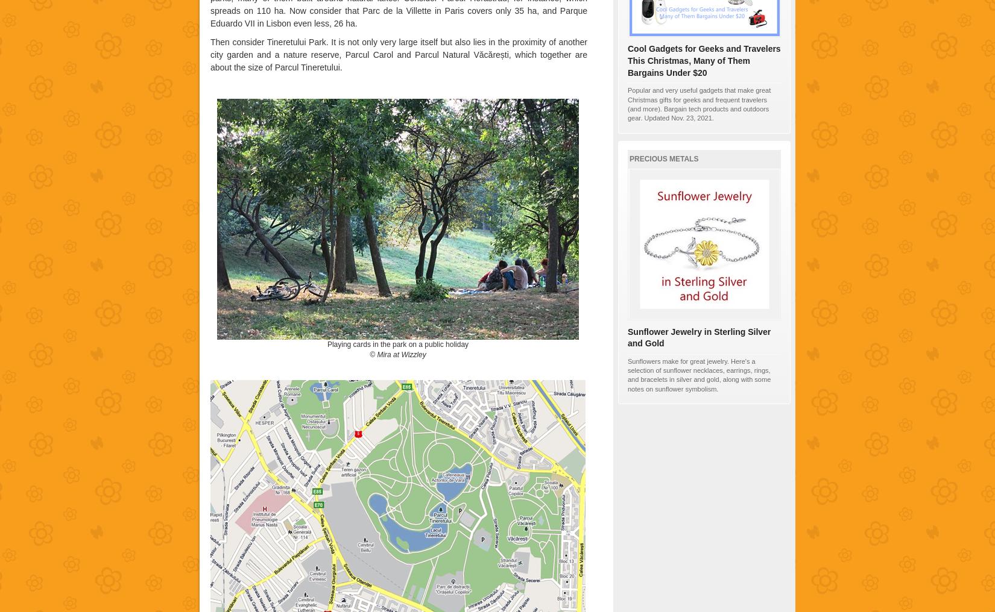 This screenshot has height=612, width=995. I want to click on 'Precious Metals', so click(664, 158).